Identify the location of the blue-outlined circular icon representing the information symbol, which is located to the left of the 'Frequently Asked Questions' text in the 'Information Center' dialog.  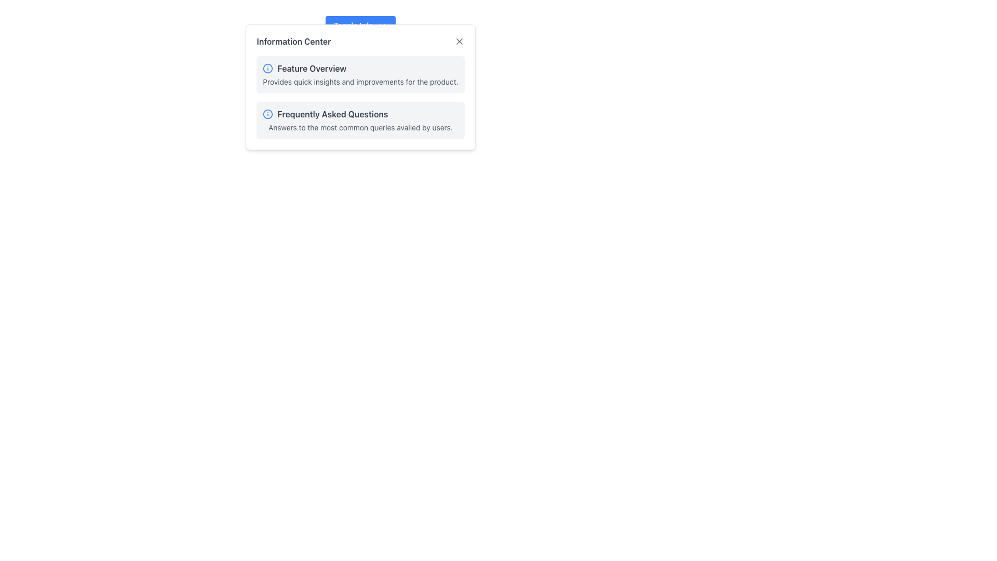
(268, 68).